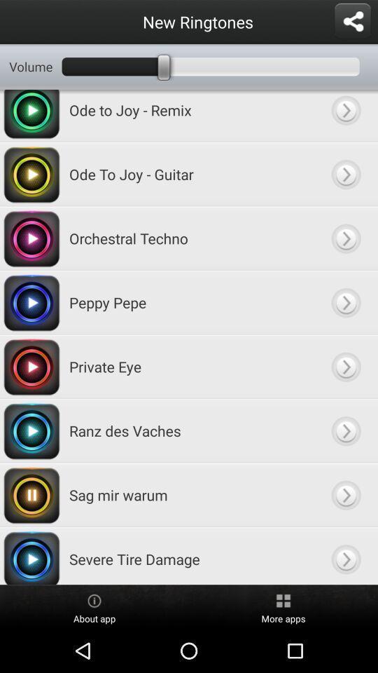 The width and height of the screenshot is (378, 673). Describe the element at coordinates (345, 366) in the screenshot. I see `forwad` at that location.